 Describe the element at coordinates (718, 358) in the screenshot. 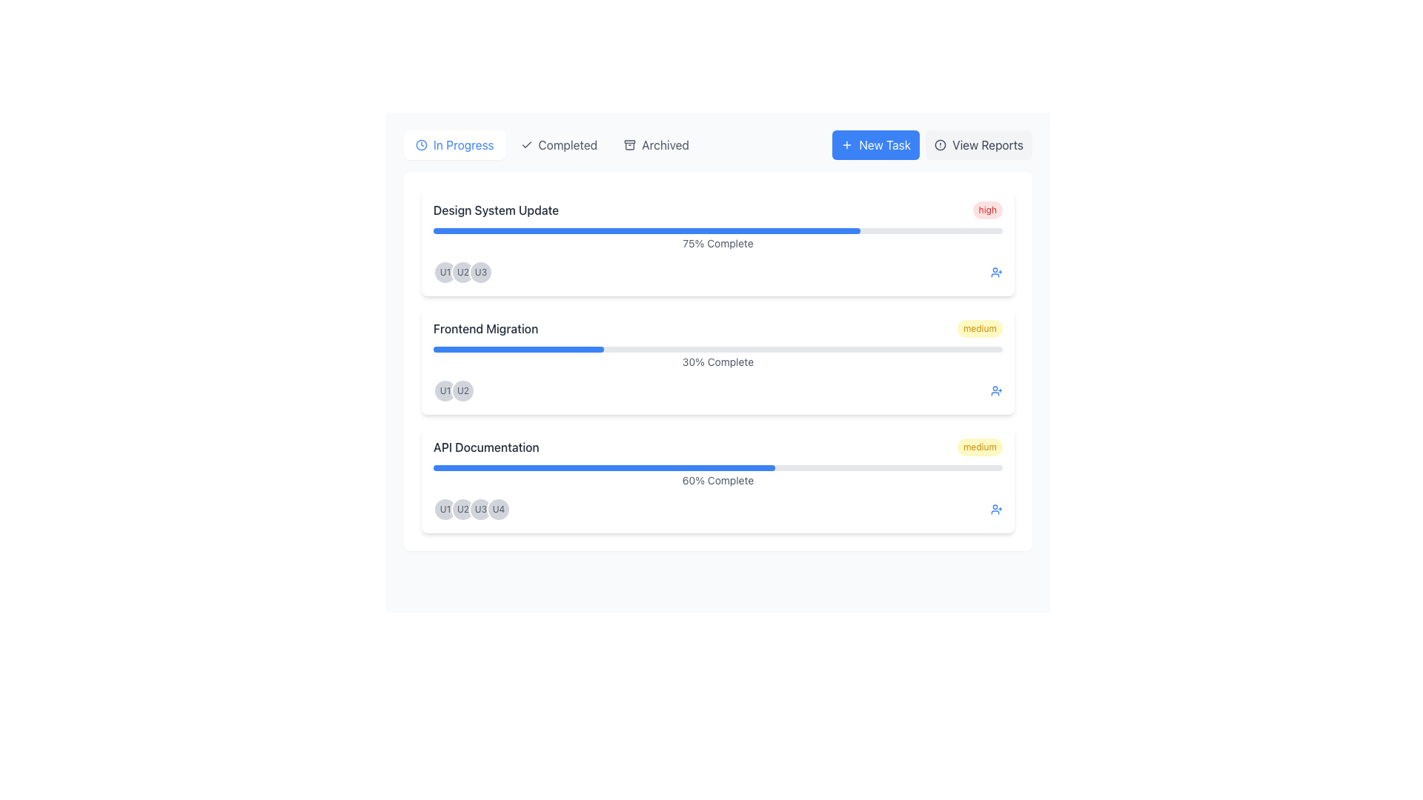

I see `the Progress indicator for the 'Frontend Migration' task` at that location.